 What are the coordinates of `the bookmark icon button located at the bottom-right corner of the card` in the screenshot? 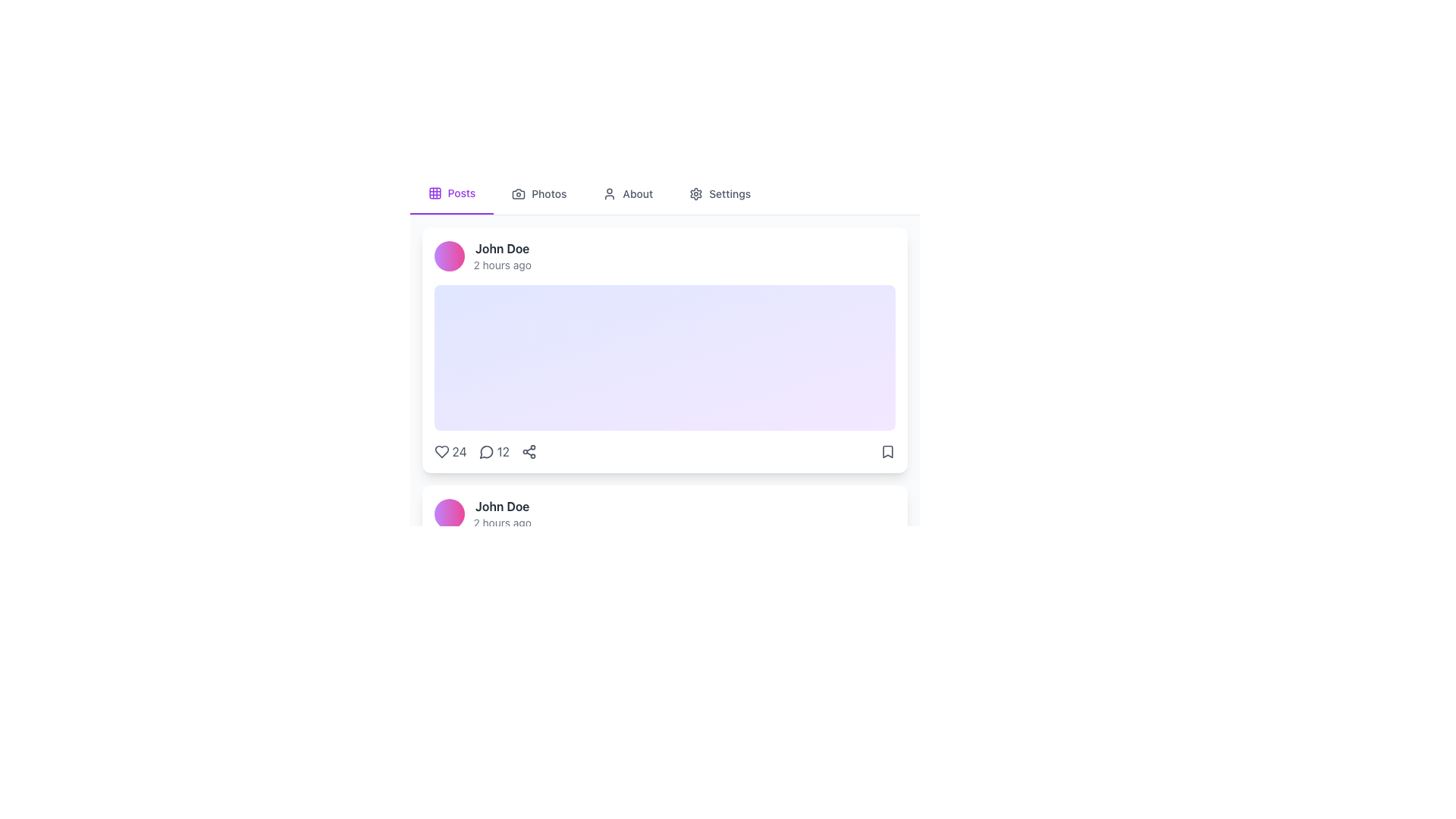 It's located at (887, 451).